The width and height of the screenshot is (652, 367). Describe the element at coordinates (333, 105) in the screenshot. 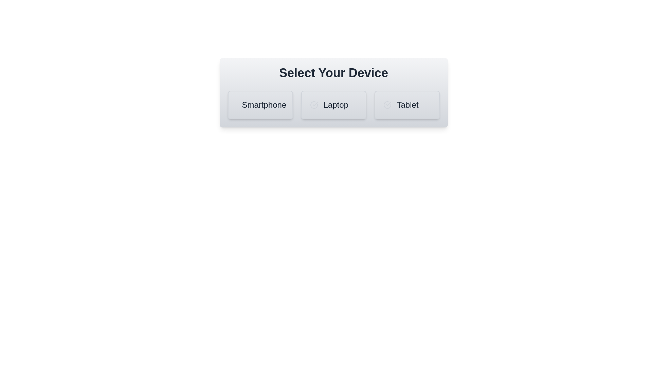

I see `the central radio button option labeled 'Laptop' with an icon of a check within a circle` at that location.